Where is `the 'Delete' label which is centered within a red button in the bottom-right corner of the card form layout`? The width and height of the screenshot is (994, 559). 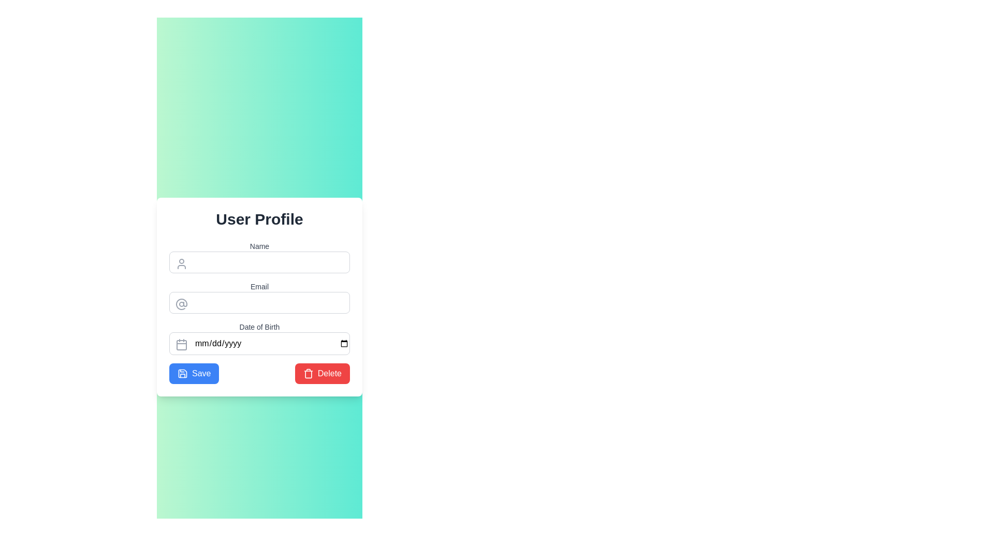
the 'Delete' label which is centered within a red button in the bottom-right corner of the card form layout is located at coordinates (329, 373).